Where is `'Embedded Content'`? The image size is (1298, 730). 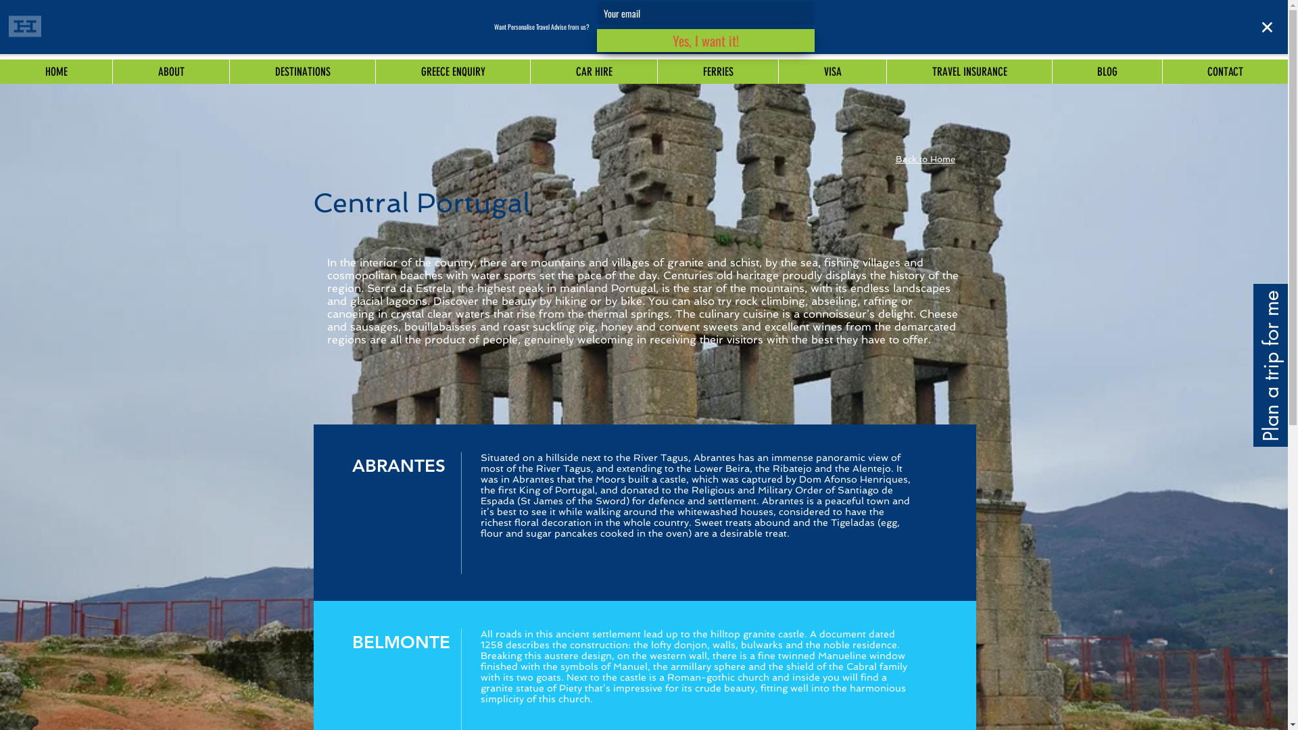
'Embedded Content' is located at coordinates (1233, 700).